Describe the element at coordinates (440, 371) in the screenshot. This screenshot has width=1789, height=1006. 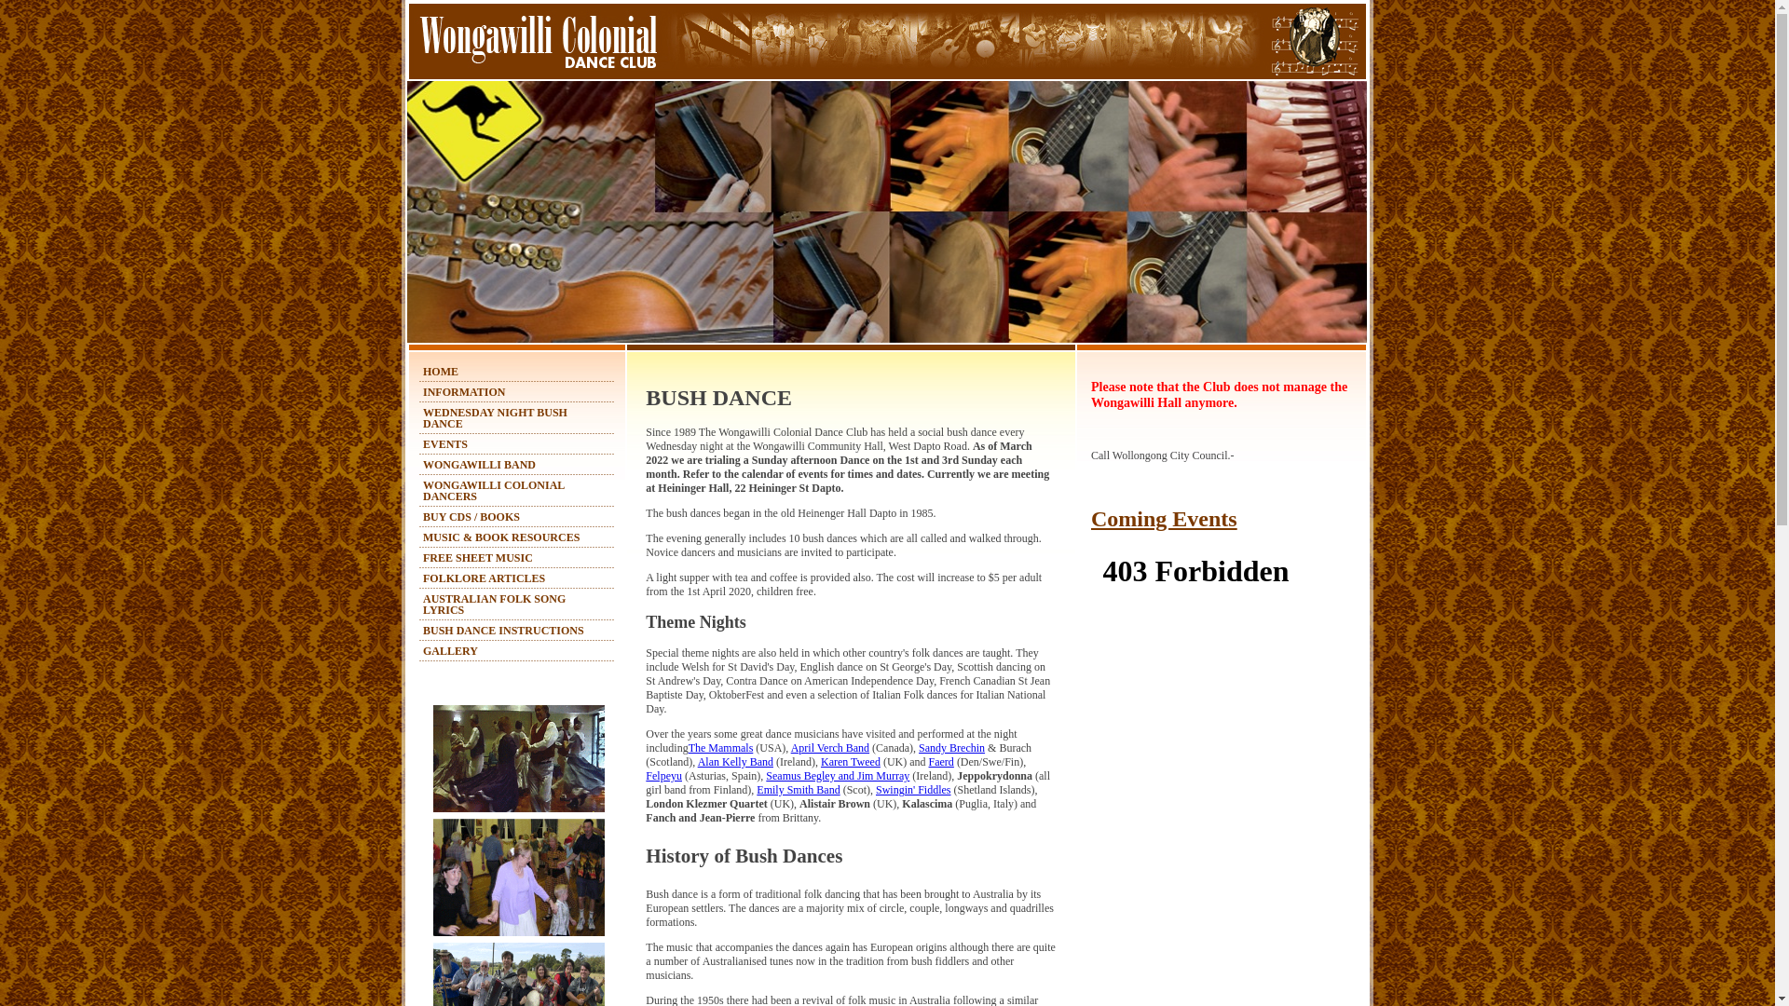
I see `'HOME'` at that location.